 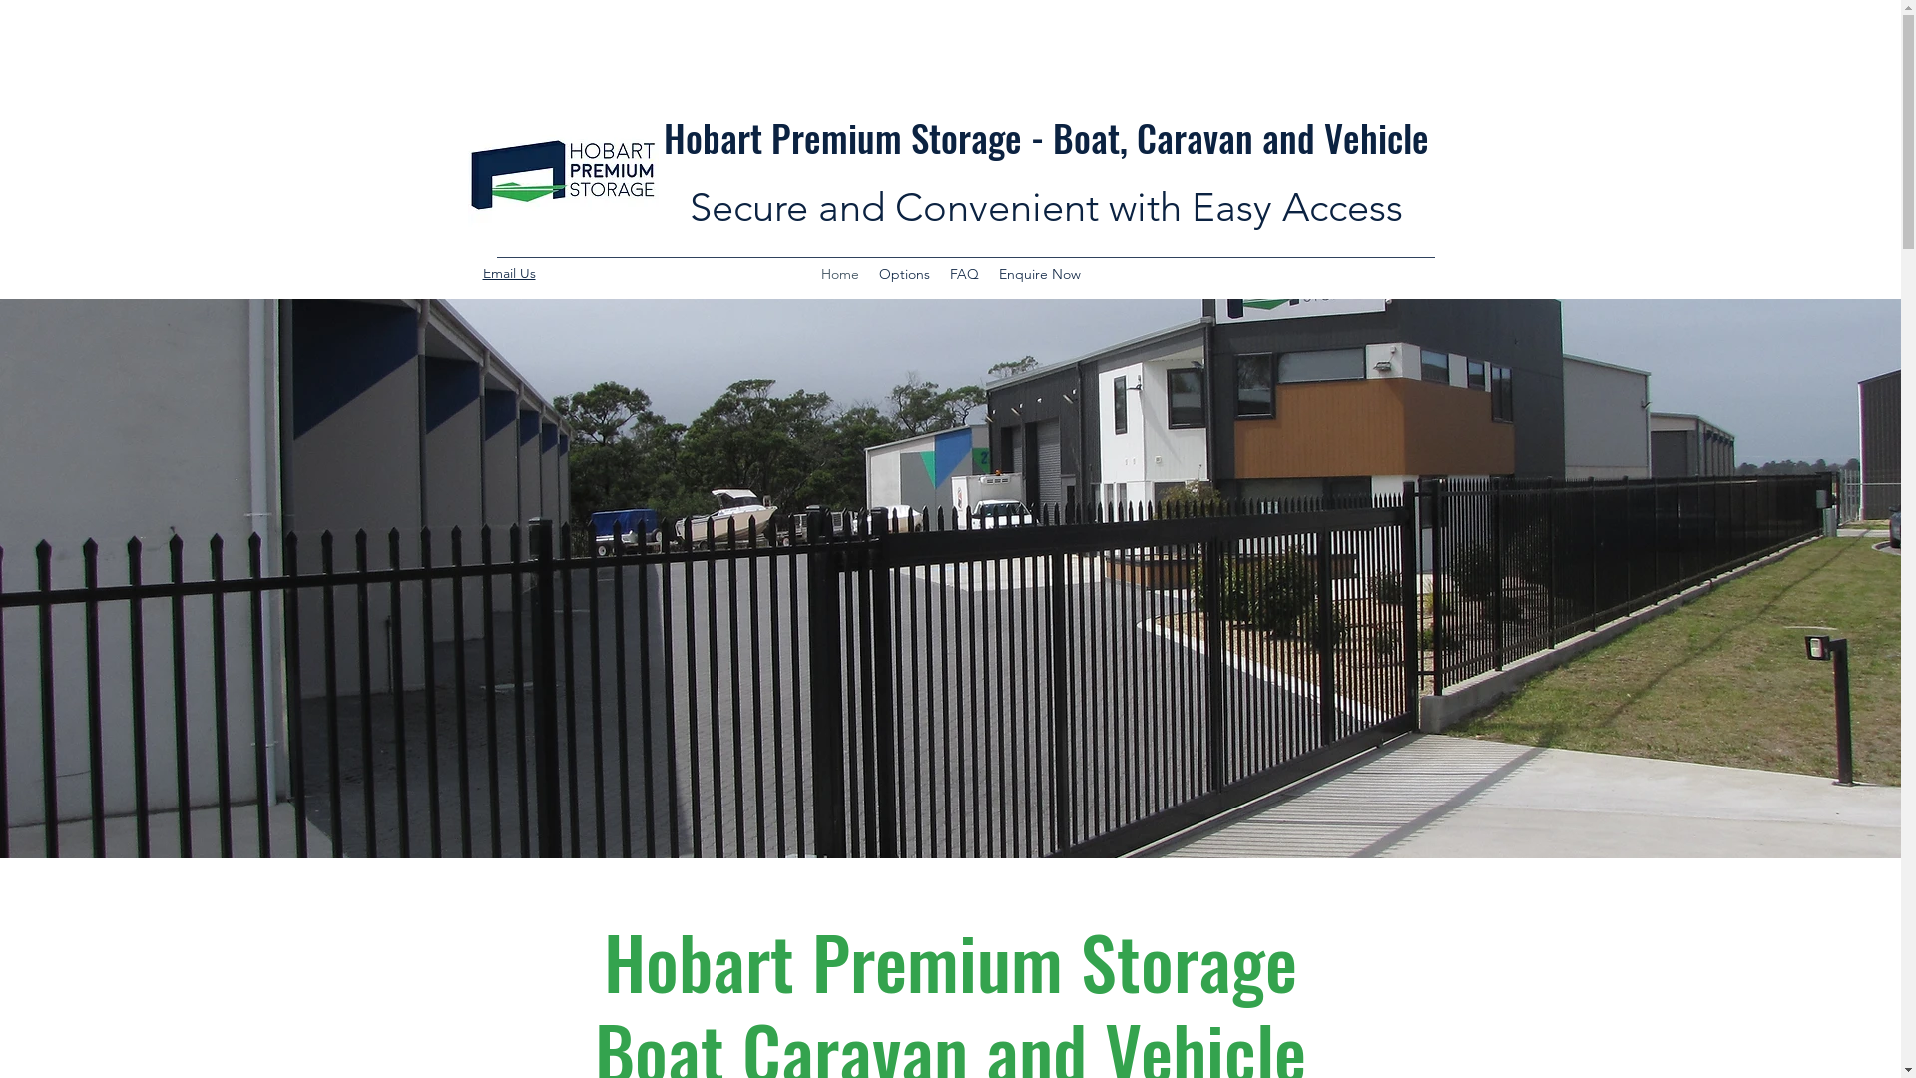 I want to click on 'Home', so click(x=838, y=273).